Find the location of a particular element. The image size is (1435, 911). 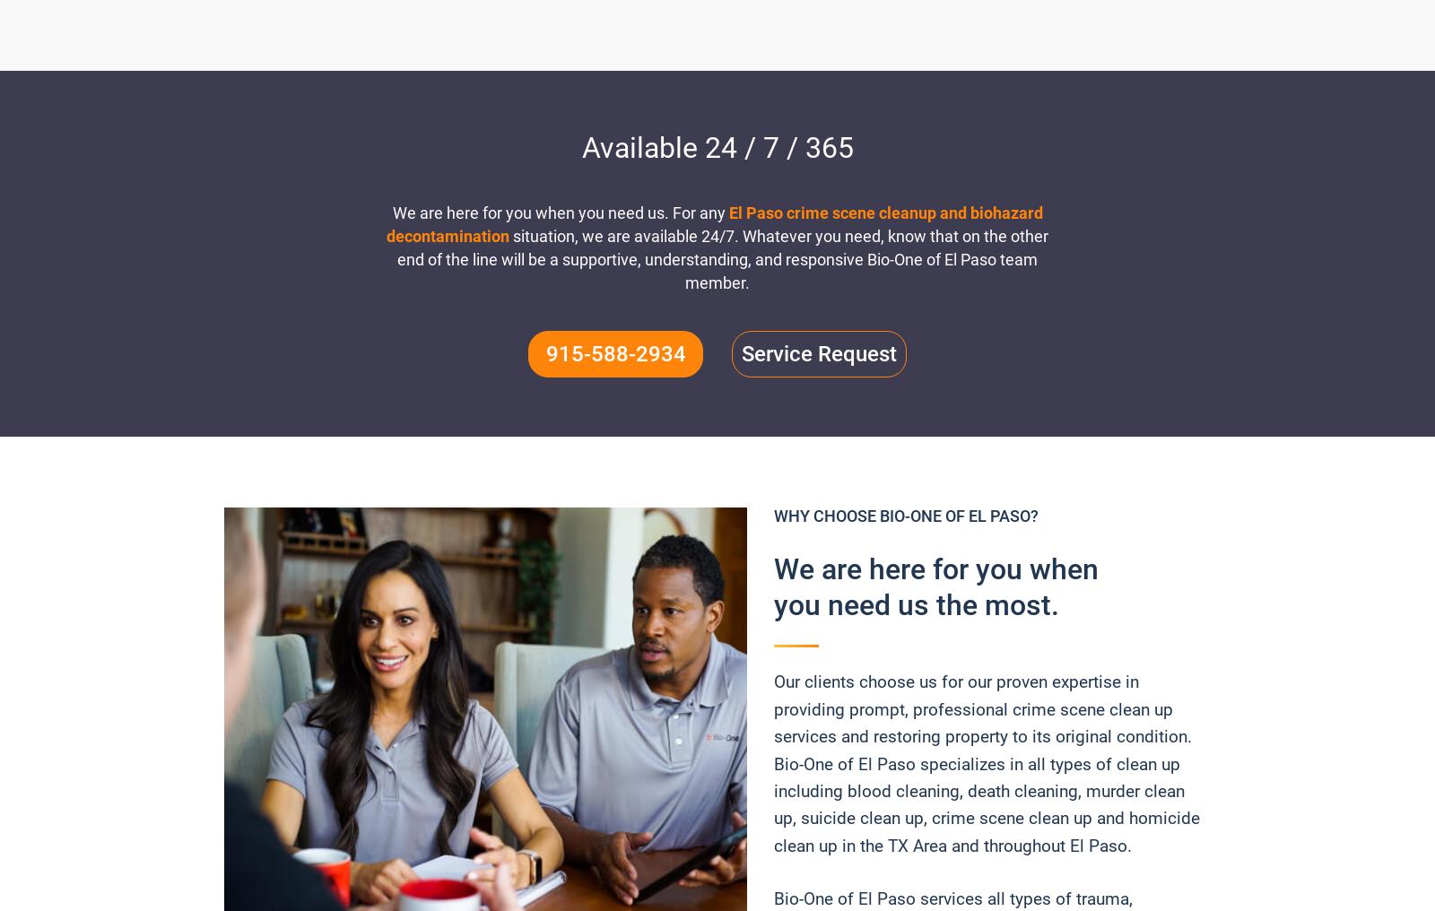

'Available 24 / 7 / 365' is located at coordinates (581, 145).